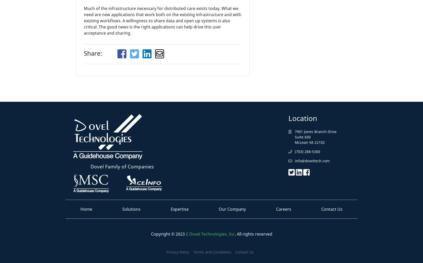 The height and width of the screenshot is (263, 423). Describe the element at coordinates (307, 151) in the screenshot. I see `'(703) 288-5300'` at that location.